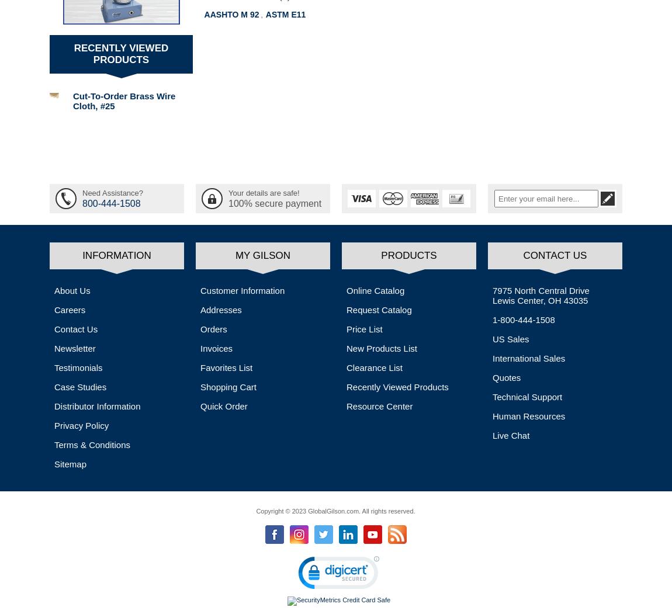  What do you see at coordinates (523, 319) in the screenshot?
I see `'1-800-444-1508'` at bounding box center [523, 319].